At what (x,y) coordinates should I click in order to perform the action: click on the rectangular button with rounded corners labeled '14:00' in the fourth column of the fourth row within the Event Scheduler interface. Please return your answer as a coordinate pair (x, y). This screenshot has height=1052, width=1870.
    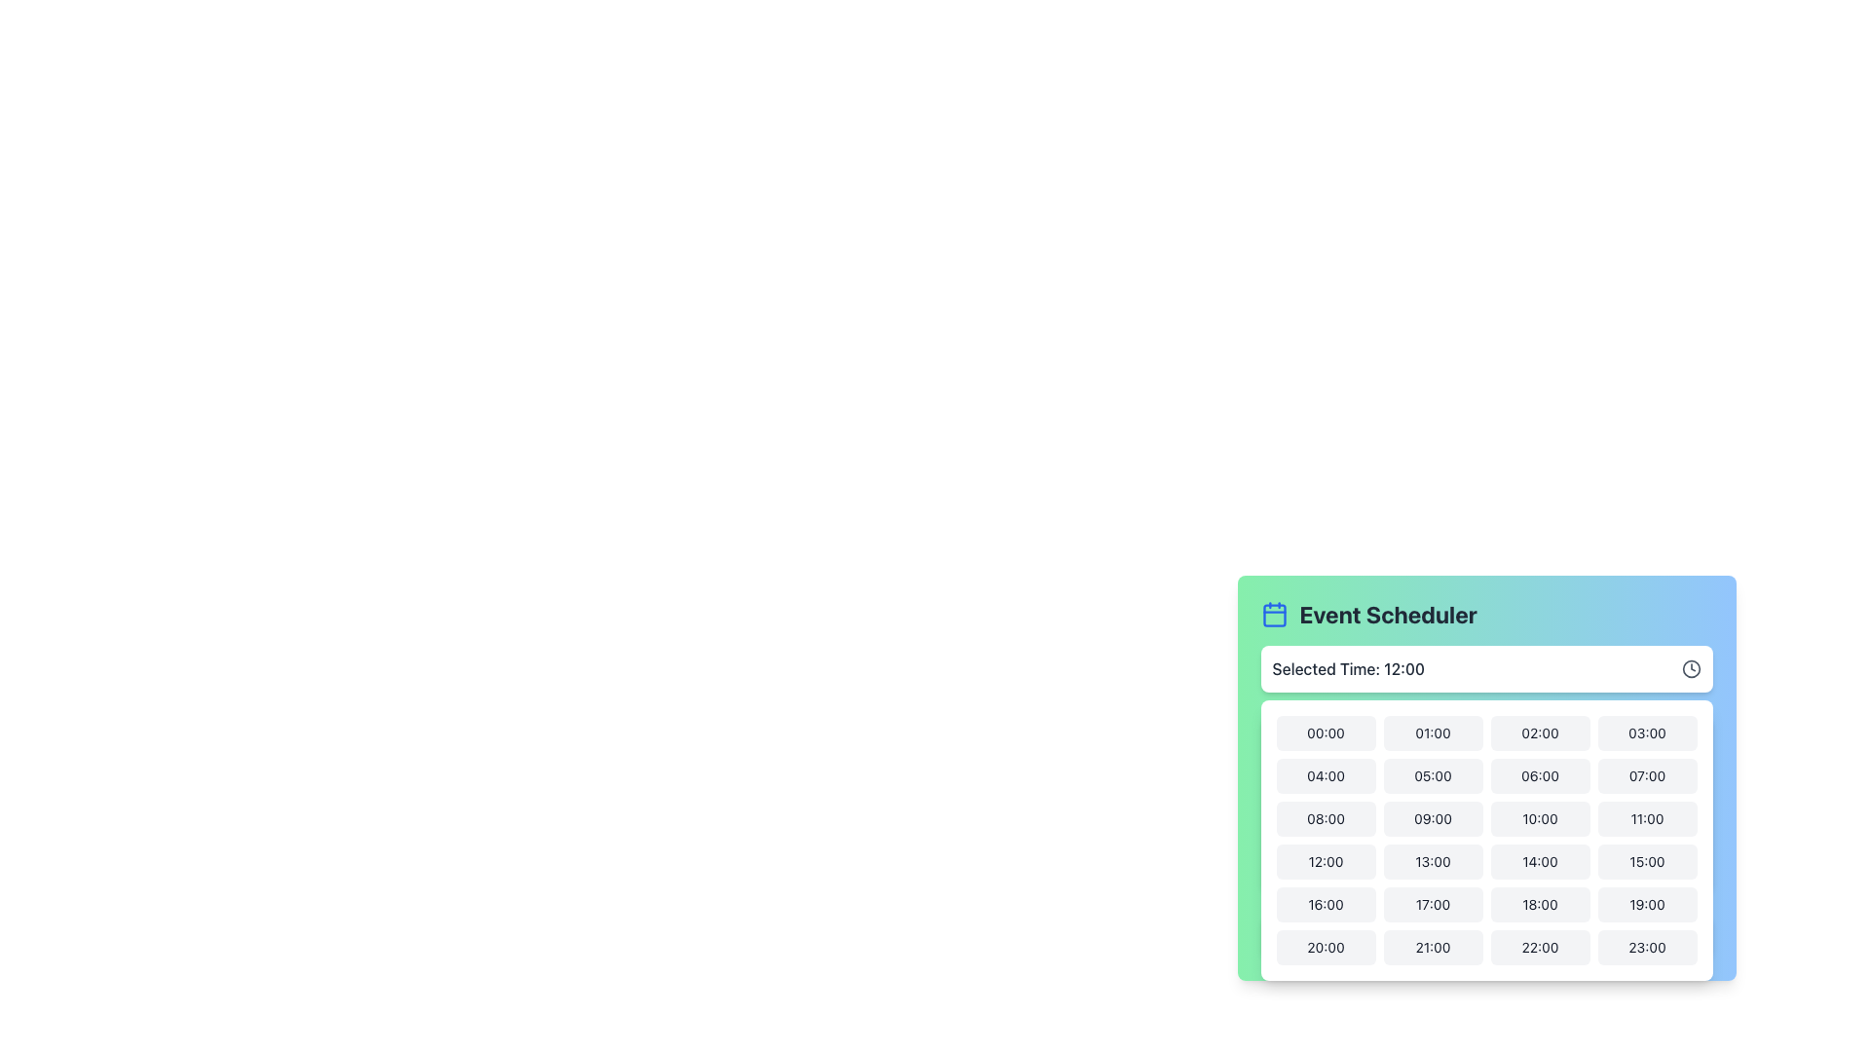
    Looking at the image, I should click on (1539, 860).